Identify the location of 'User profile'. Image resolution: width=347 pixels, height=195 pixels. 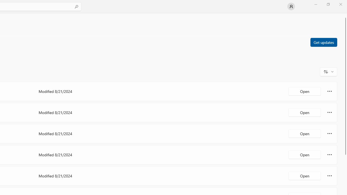
(291, 6).